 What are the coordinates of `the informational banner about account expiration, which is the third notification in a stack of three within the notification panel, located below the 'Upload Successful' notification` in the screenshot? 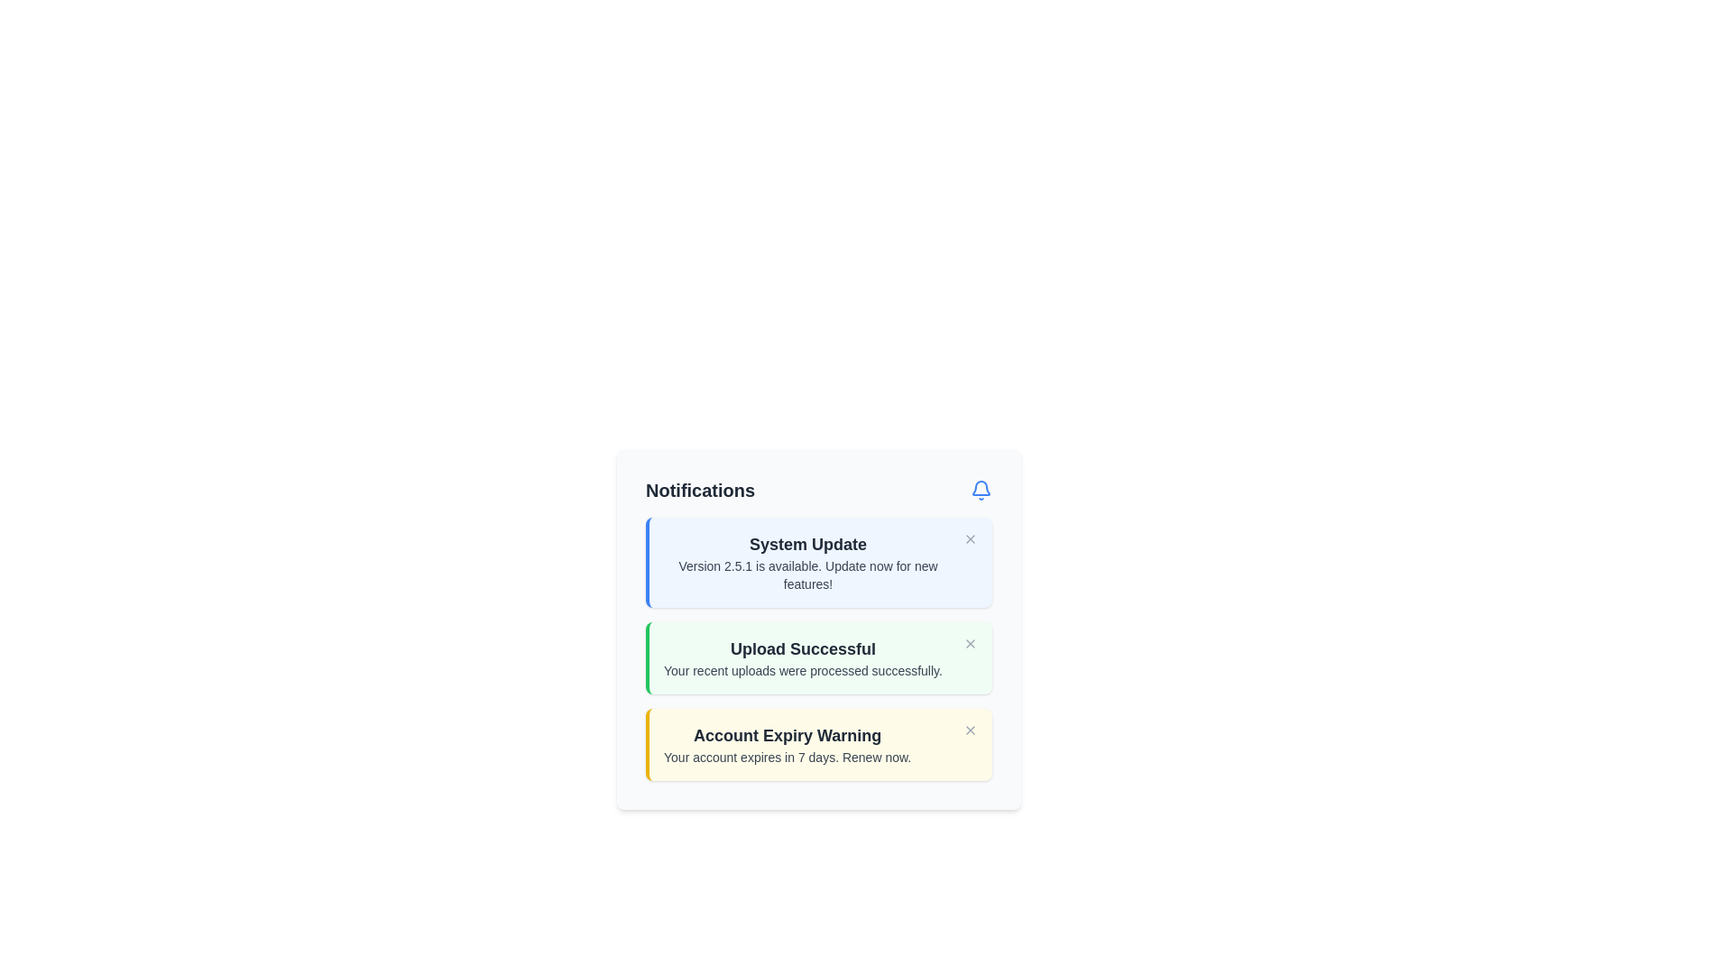 It's located at (820, 744).